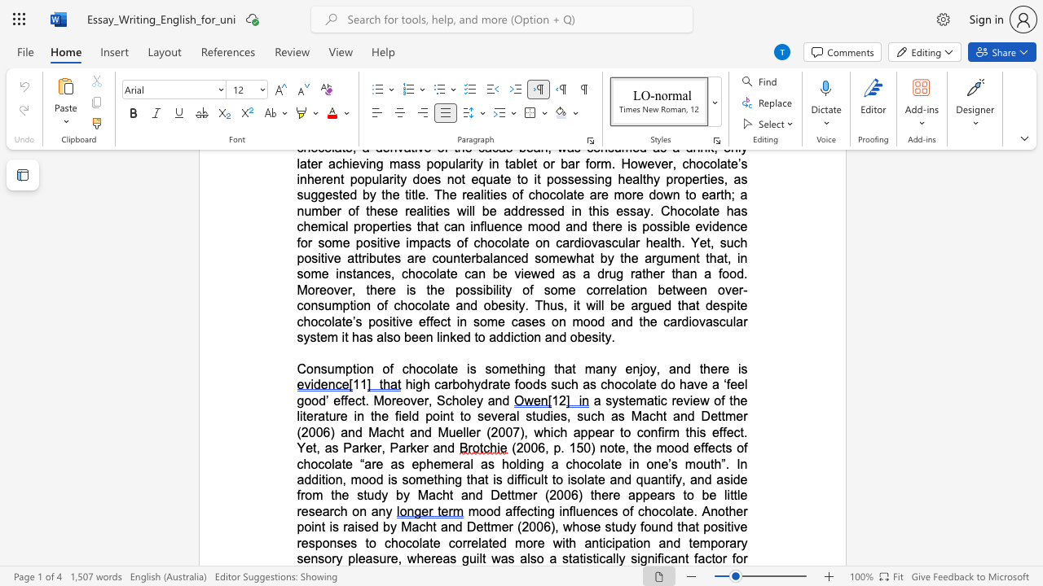 Image resolution: width=1043 pixels, height=586 pixels. Describe the element at coordinates (491, 527) in the screenshot. I see `the space between the continuous character "t" and "m" in the text` at that location.